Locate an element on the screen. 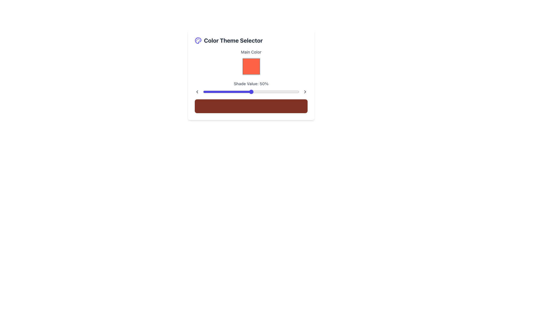 The height and width of the screenshot is (311, 554). and drag the handle of the Range slider located below the label 'Shade Value: 50%' to adjust the value is located at coordinates (251, 92).